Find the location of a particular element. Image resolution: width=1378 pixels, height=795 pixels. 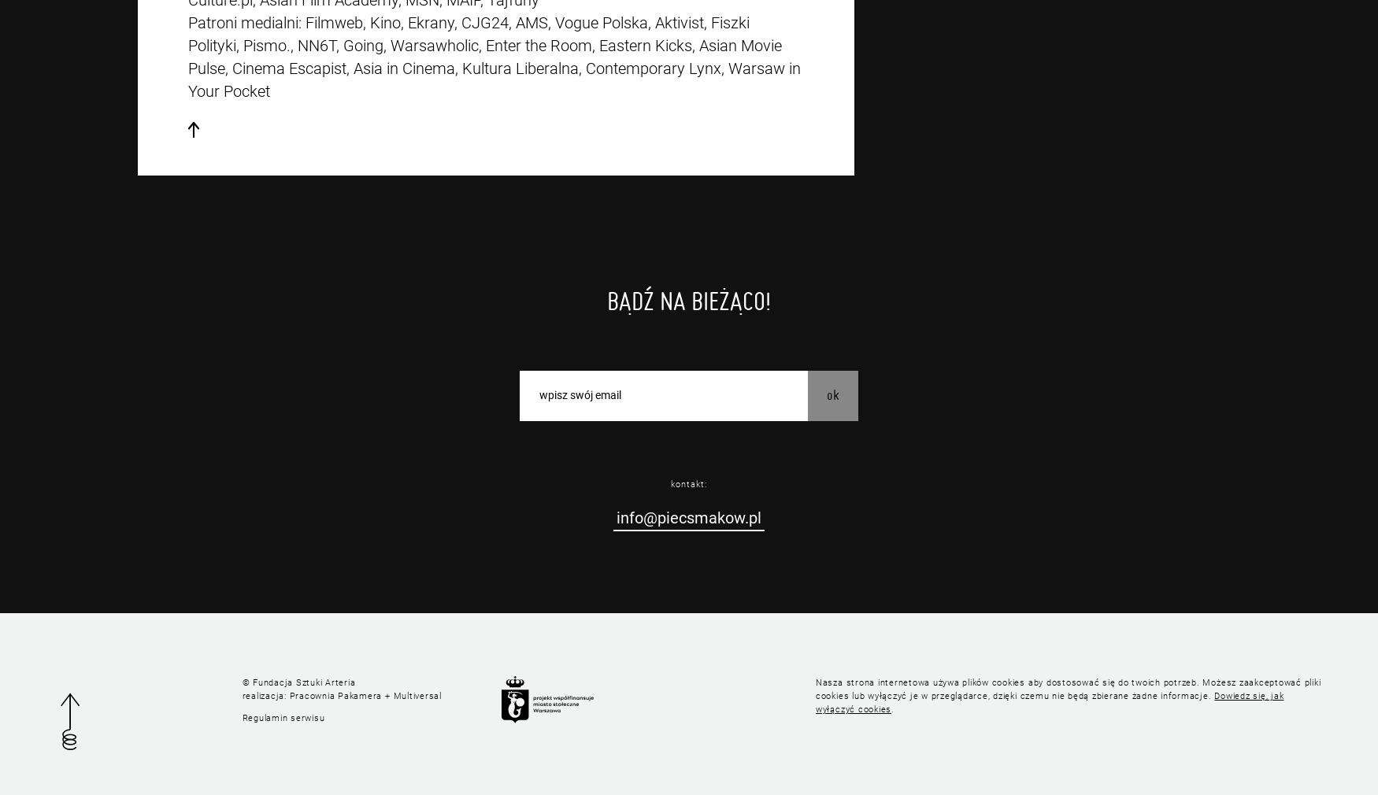

'bądź na bieżąco!' is located at coordinates (606, 301).